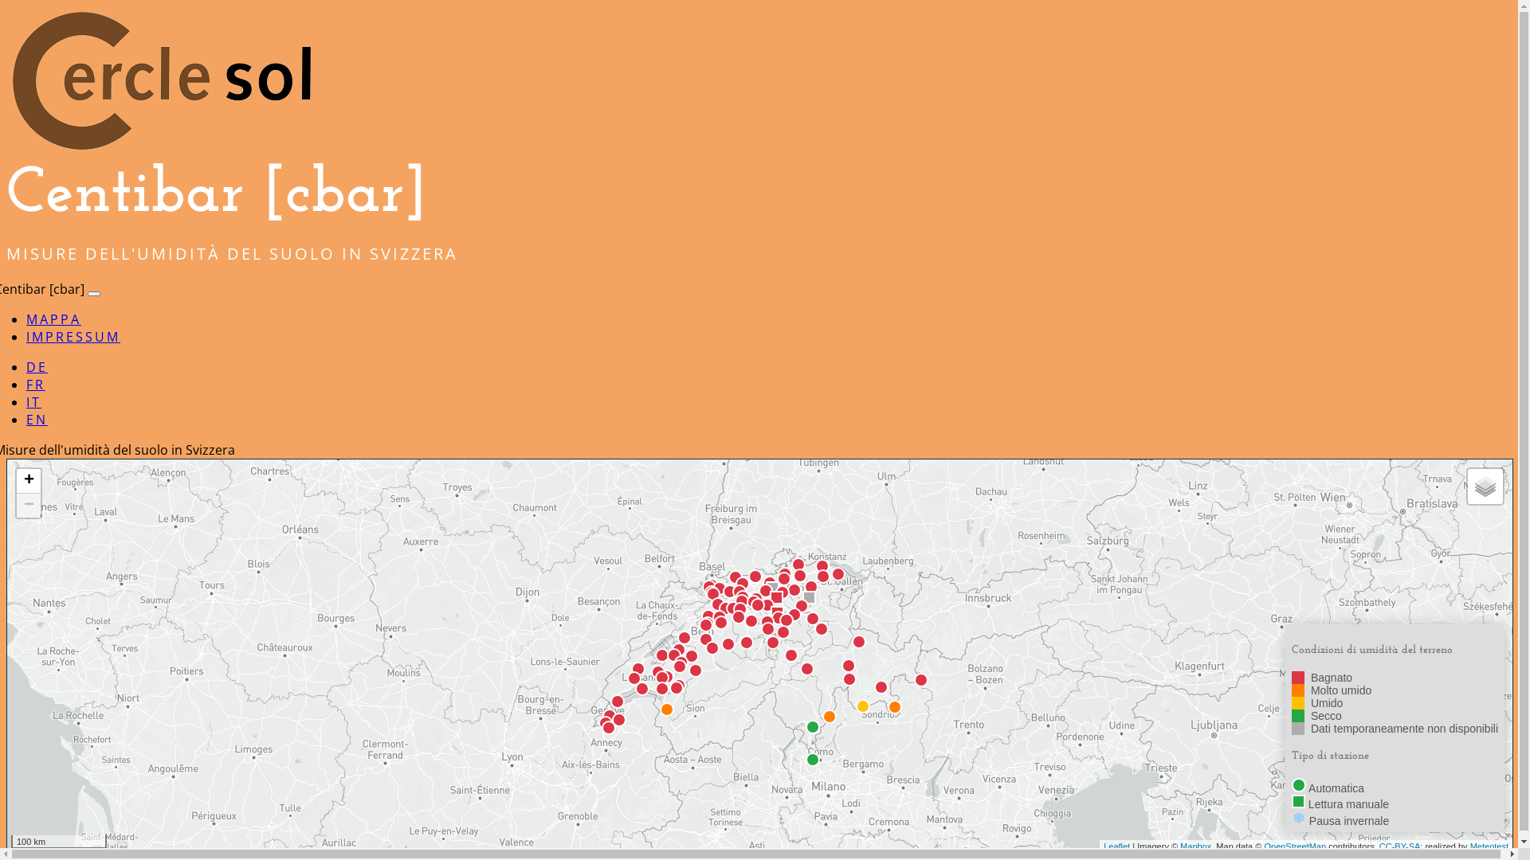 This screenshot has width=1530, height=860. Describe the element at coordinates (1379, 844) in the screenshot. I see `'CC-BY-SA'` at that location.